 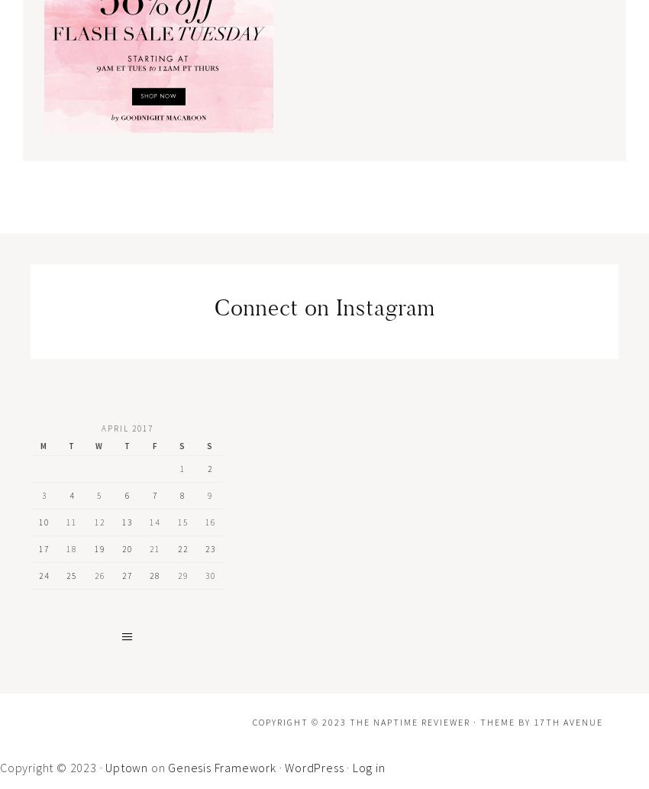 What do you see at coordinates (128, 548) in the screenshot?
I see `'20'` at bounding box center [128, 548].